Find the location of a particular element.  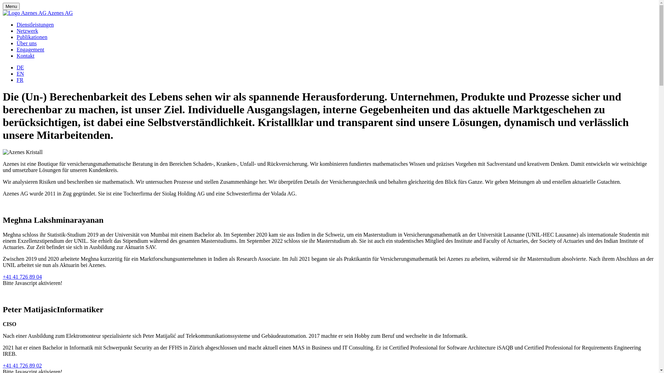

'Netzwerk' is located at coordinates (17, 30).